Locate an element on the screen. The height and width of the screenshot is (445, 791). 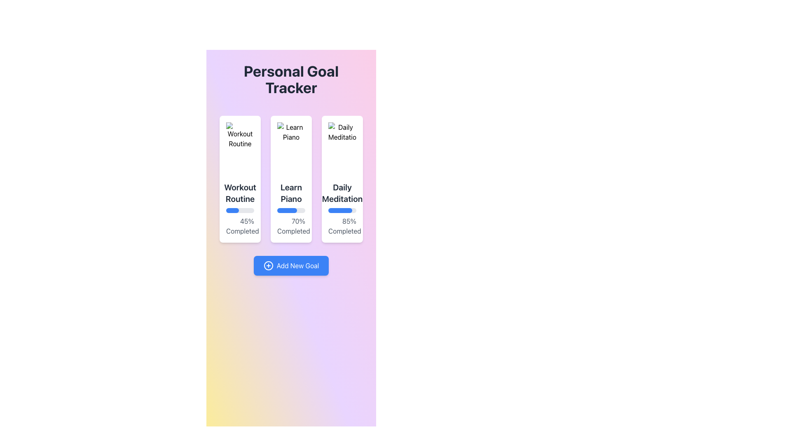
the Static Text Display indicating the progress percentage of the 'Workout Routine' task, located at the bottom-right corner of the 'Workout Routine' card beneath the progress bar is located at coordinates (239, 226).